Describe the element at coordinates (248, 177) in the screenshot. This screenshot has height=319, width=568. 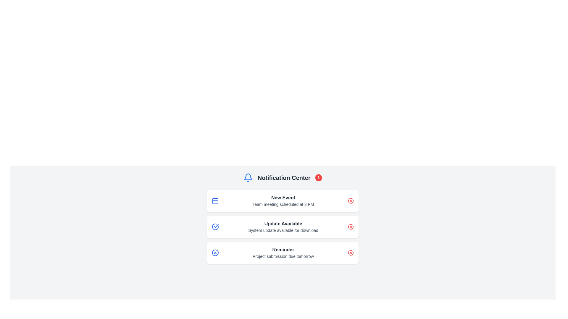
I see `the bell icon in the Notification Center section, which serves as a visual indicator for notifications and is clickable` at that location.